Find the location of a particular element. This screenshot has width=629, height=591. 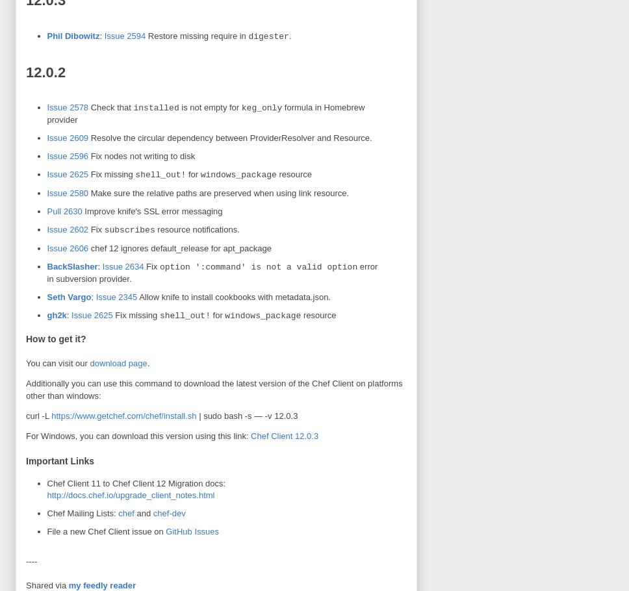

'Chef Client 12.0.3' is located at coordinates (250, 434).